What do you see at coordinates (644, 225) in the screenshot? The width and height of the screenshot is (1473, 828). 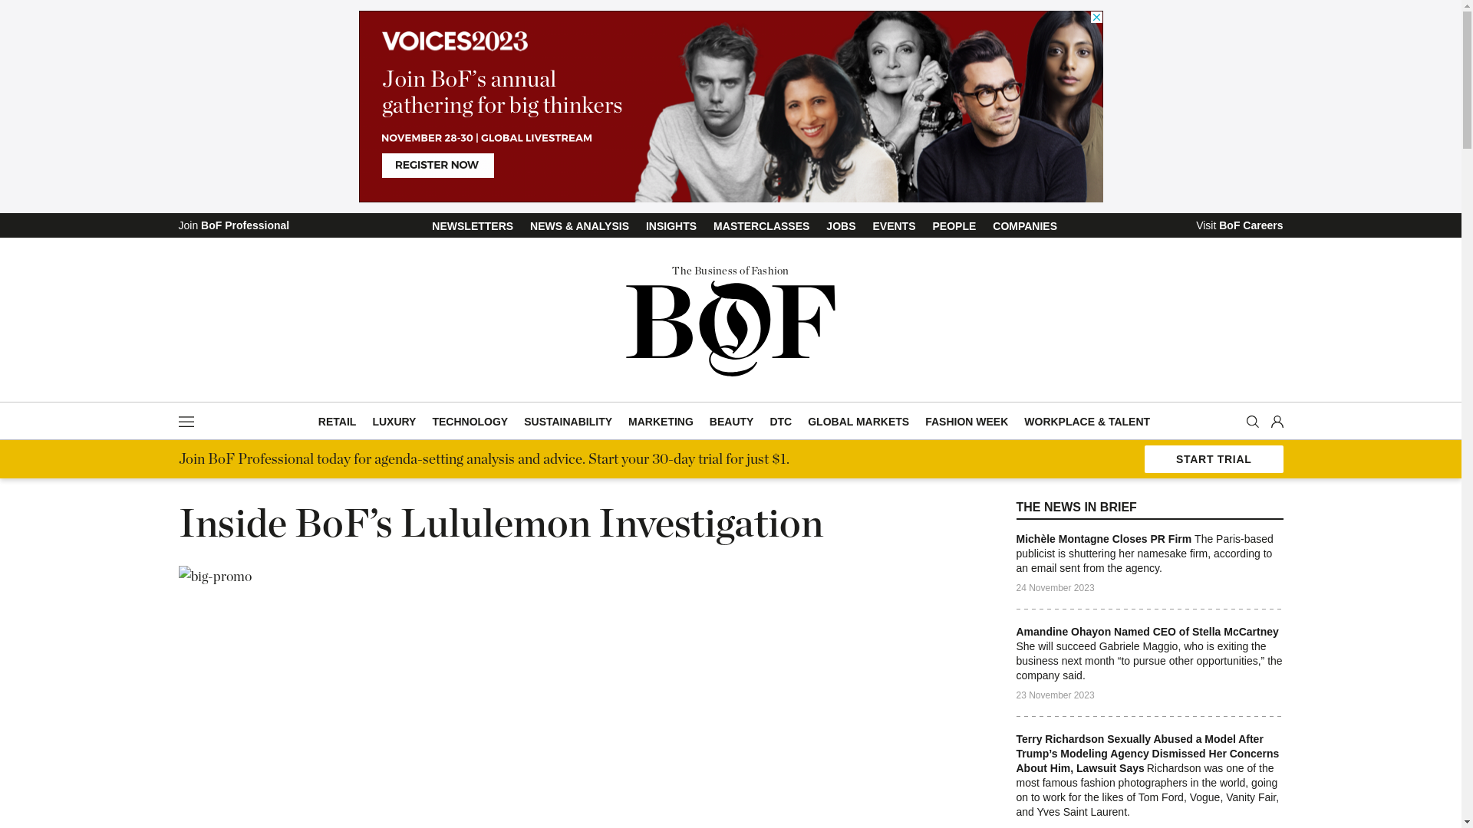 I see `'INSIGHTS'` at bounding box center [644, 225].